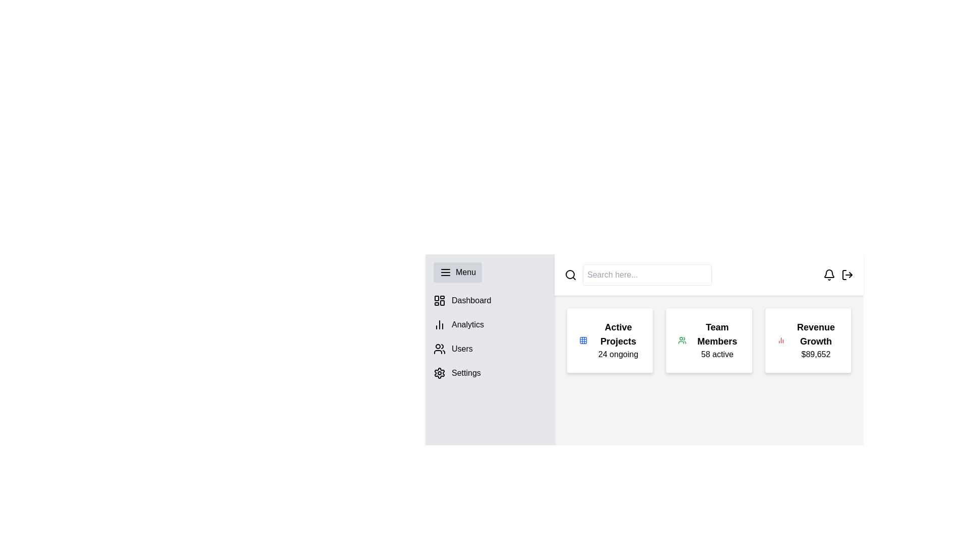  What do you see at coordinates (583, 340) in the screenshot?
I see `the 'Active Projects' icon located on the left side of the 'Active Projects 24 ongoing' card in the dashboard interface` at bounding box center [583, 340].